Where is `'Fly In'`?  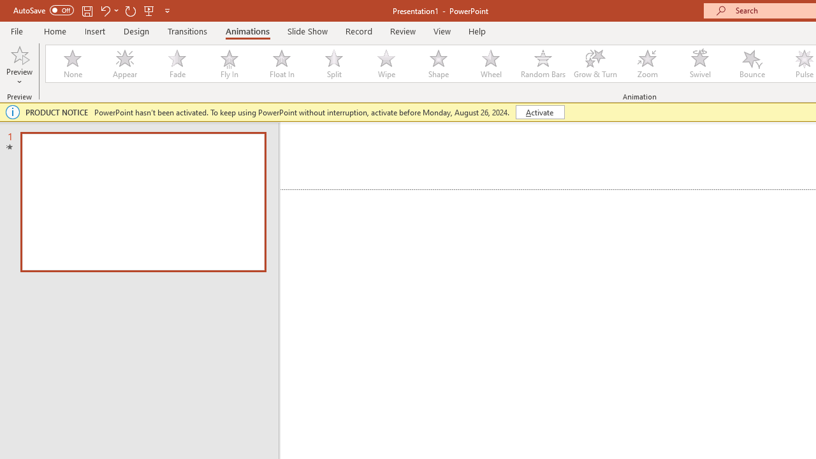 'Fly In' is located at coordinates (229, 64).